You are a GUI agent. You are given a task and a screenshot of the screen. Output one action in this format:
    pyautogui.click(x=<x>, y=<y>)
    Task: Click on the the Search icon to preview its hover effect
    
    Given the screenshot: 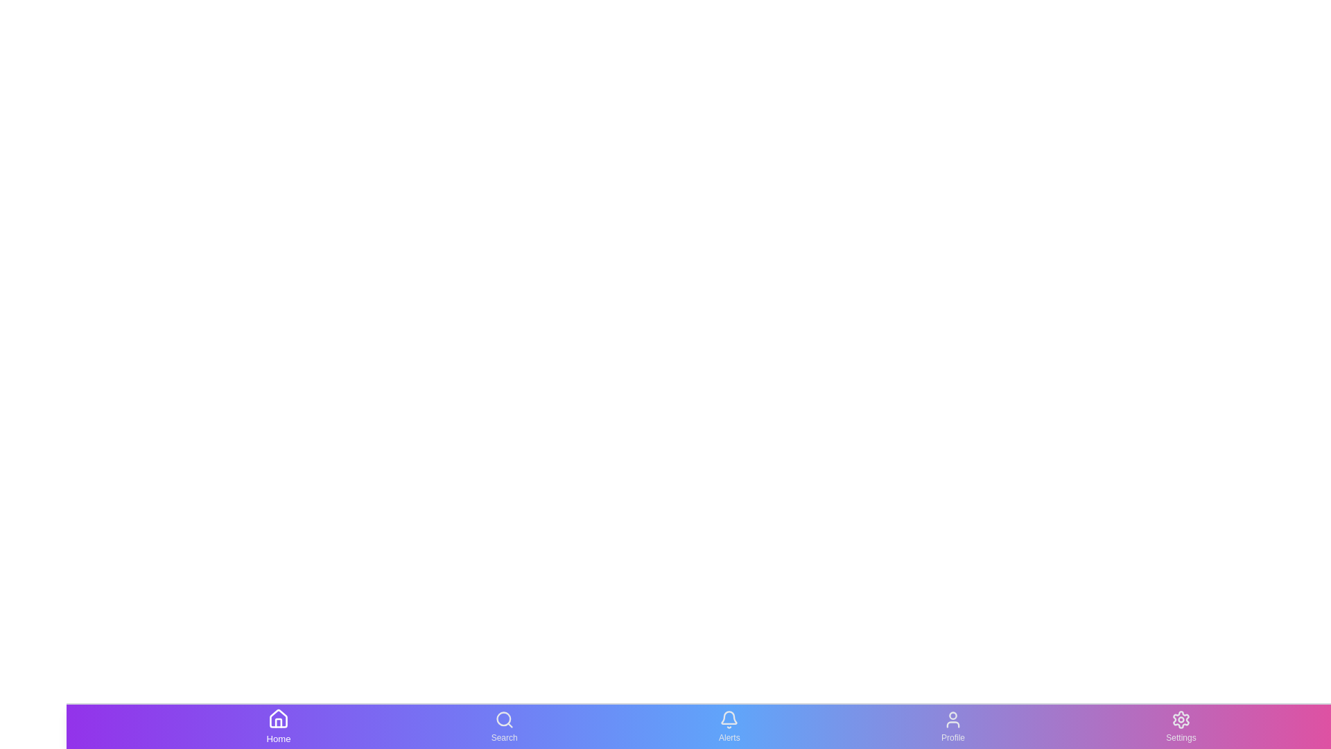 What is the action you would take?
    pyautogui.click(x=503, y=726)
    